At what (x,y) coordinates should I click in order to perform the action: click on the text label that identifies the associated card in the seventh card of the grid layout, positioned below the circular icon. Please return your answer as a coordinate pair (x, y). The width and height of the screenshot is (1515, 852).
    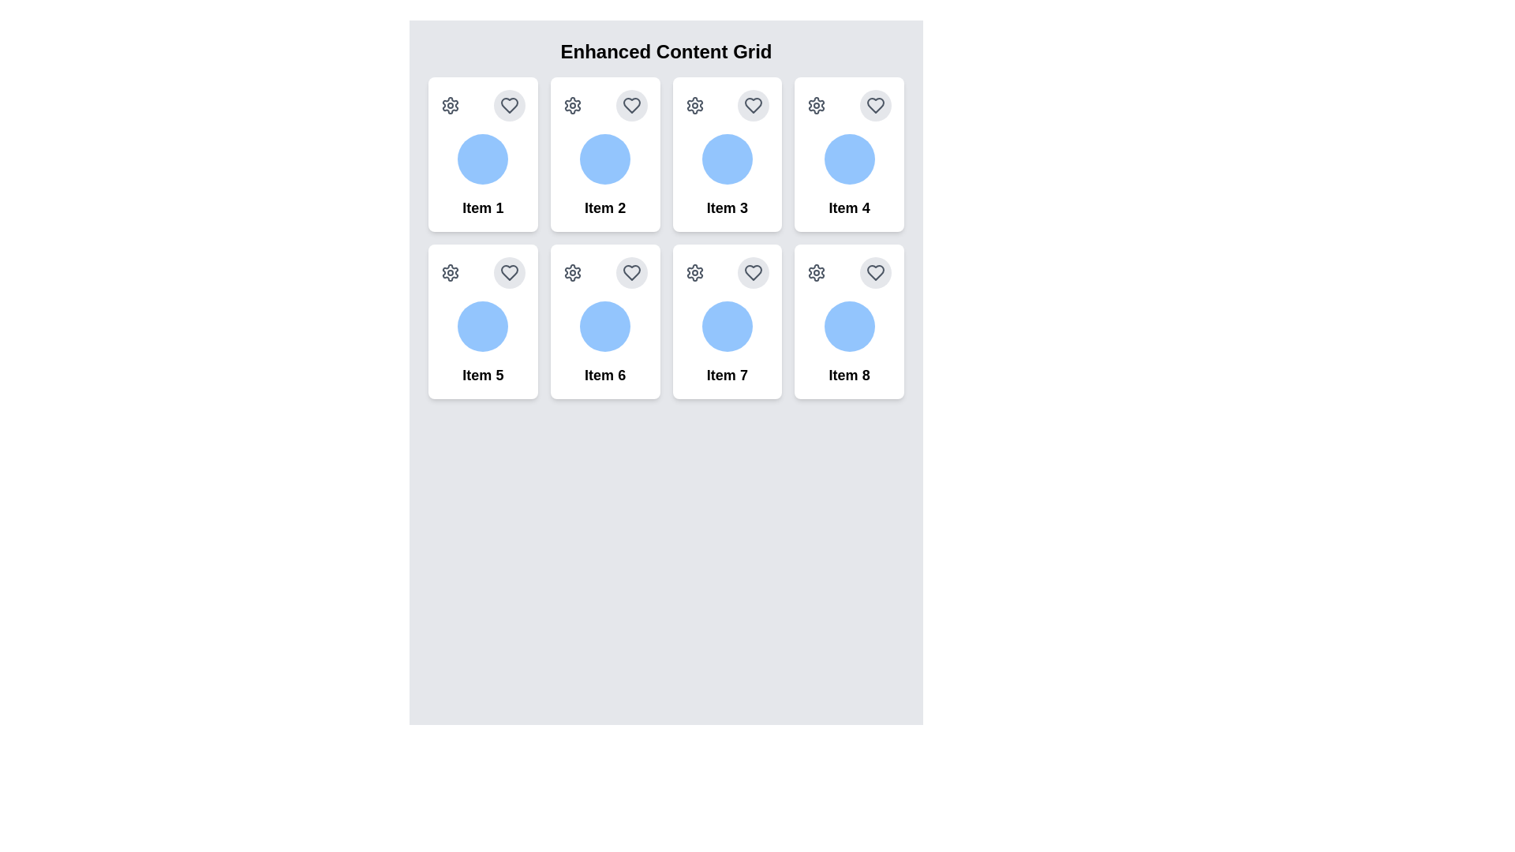
    Looking at the image, I should click on (726, 375).